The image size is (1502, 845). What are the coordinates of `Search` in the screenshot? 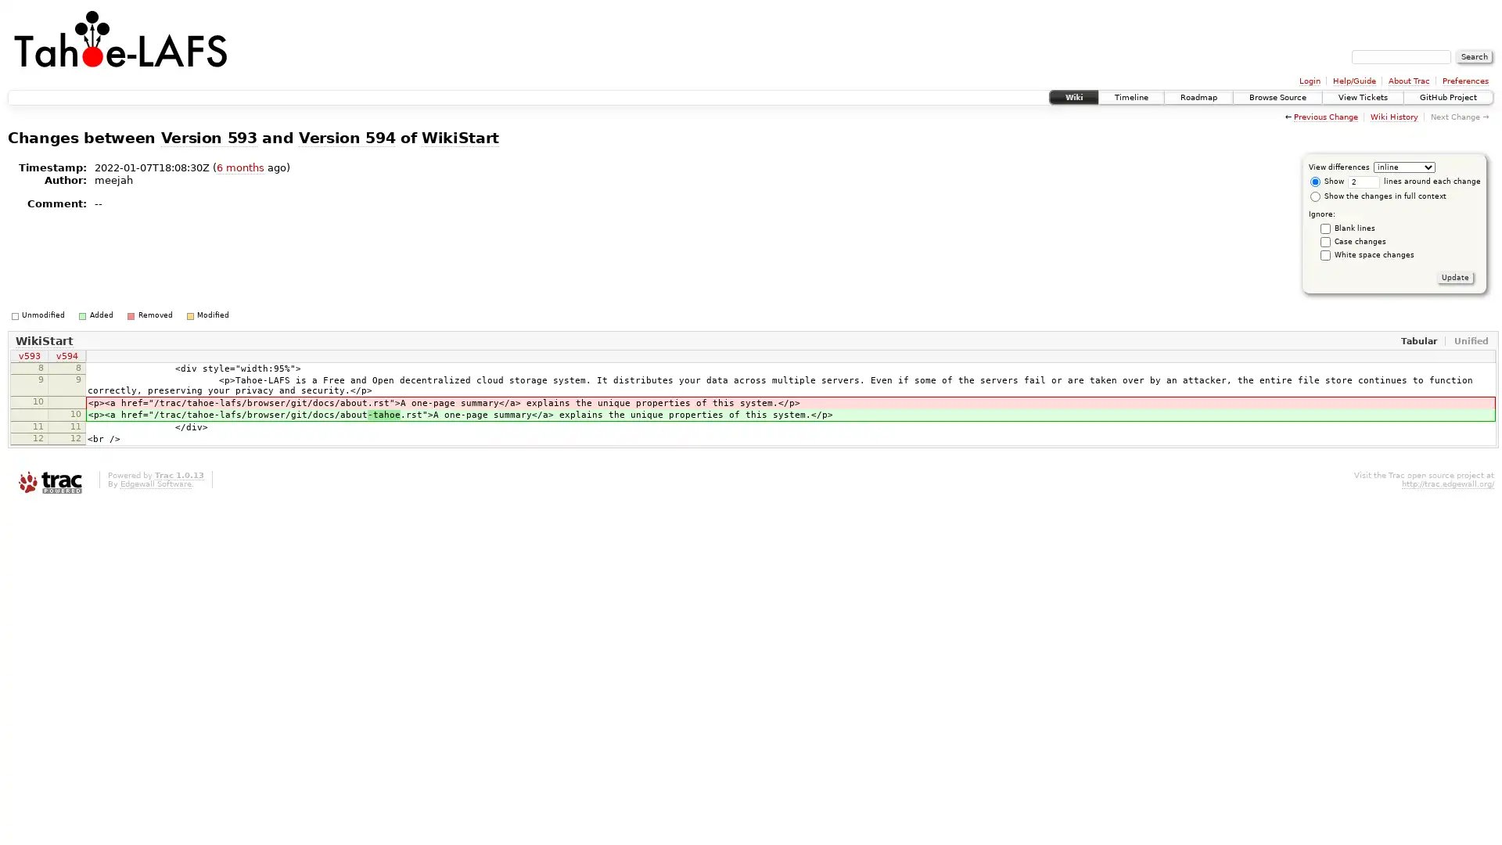 It's located at (1474, 56).